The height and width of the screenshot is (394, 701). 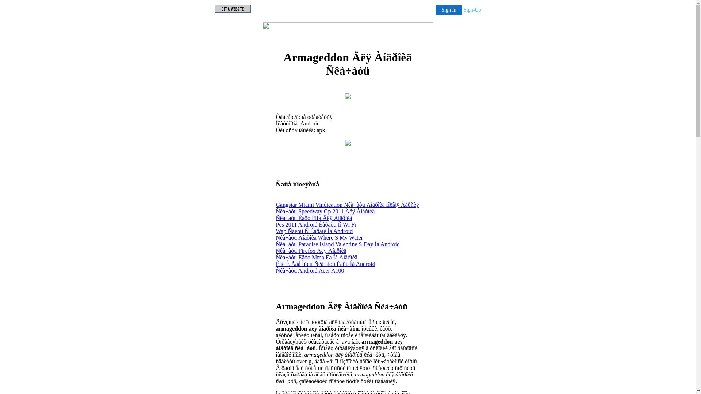 What do you see at coordinates (448, 10) in the screenshot?
I see `'Sign In'` at bounding box center [448, 10].